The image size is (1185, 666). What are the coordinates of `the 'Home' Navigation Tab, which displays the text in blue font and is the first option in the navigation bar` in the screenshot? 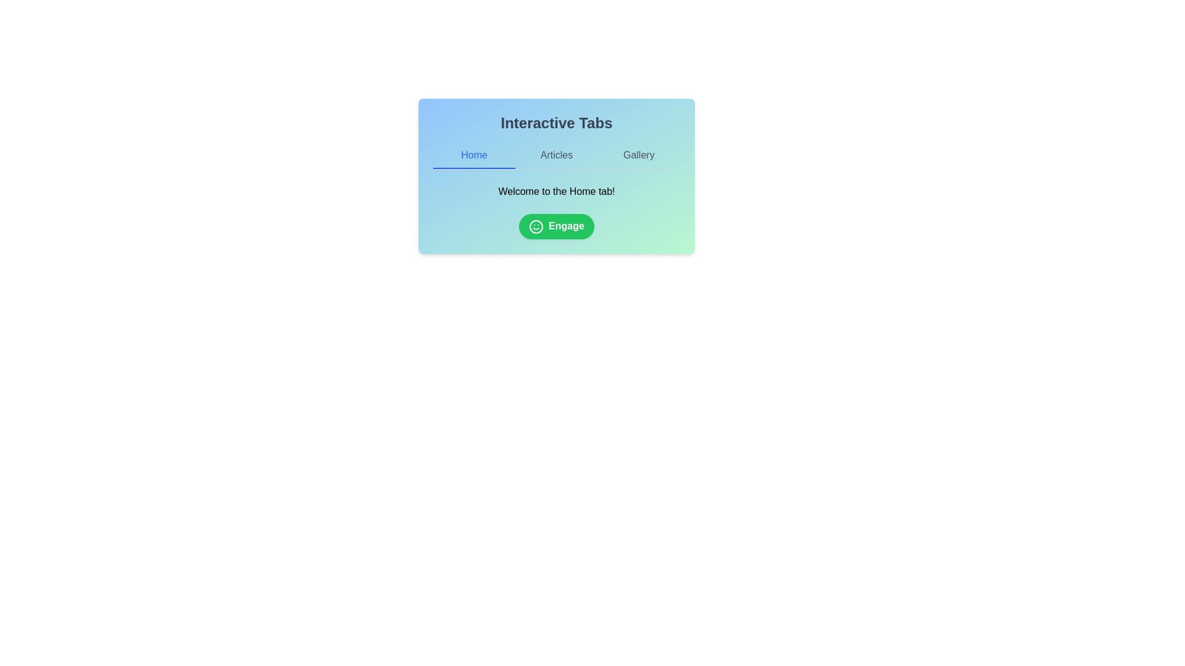 It's located at (473, 155).